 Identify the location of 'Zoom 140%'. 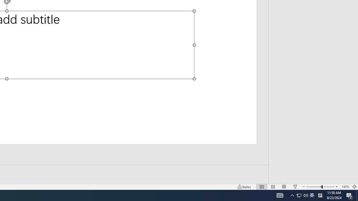
(345, 187).